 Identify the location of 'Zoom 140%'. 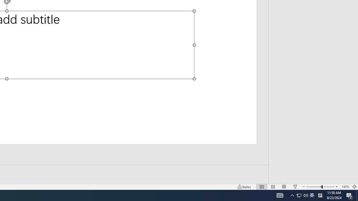
(345, 187).